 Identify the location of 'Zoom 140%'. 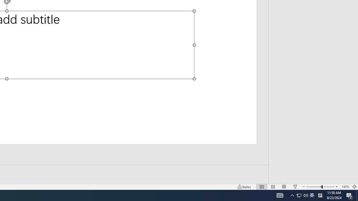
(345, 187).